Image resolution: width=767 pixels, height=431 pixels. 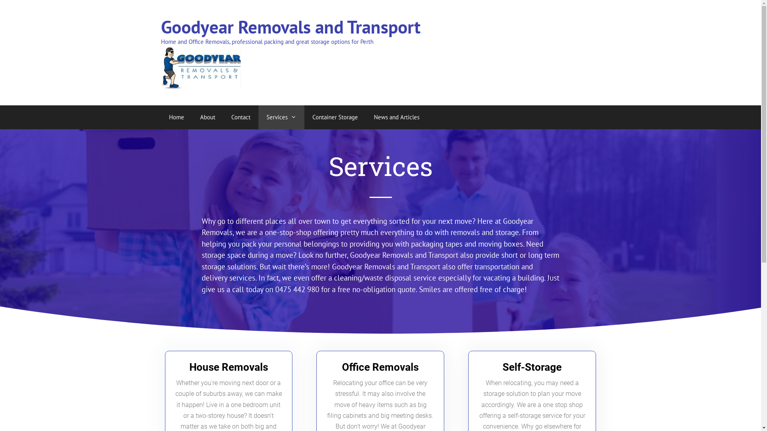 I want to click on 'News and Articles', so click(x=366, y=117).